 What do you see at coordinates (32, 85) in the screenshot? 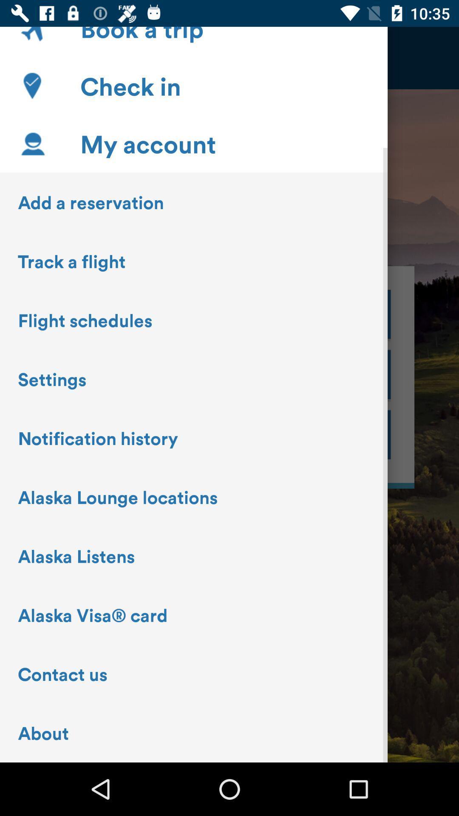
I see `the icon left to the text check in` at bounding box center [32, 85].